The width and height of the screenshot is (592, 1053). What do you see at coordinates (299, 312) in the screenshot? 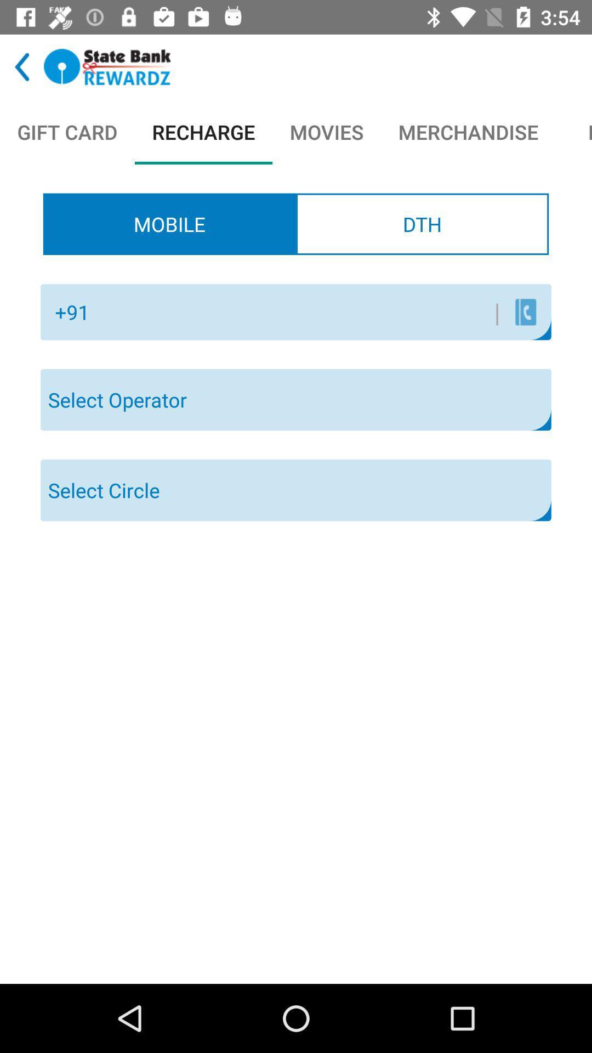
I see `the icon to the left of the | icon` at bounding box center [299, 312].